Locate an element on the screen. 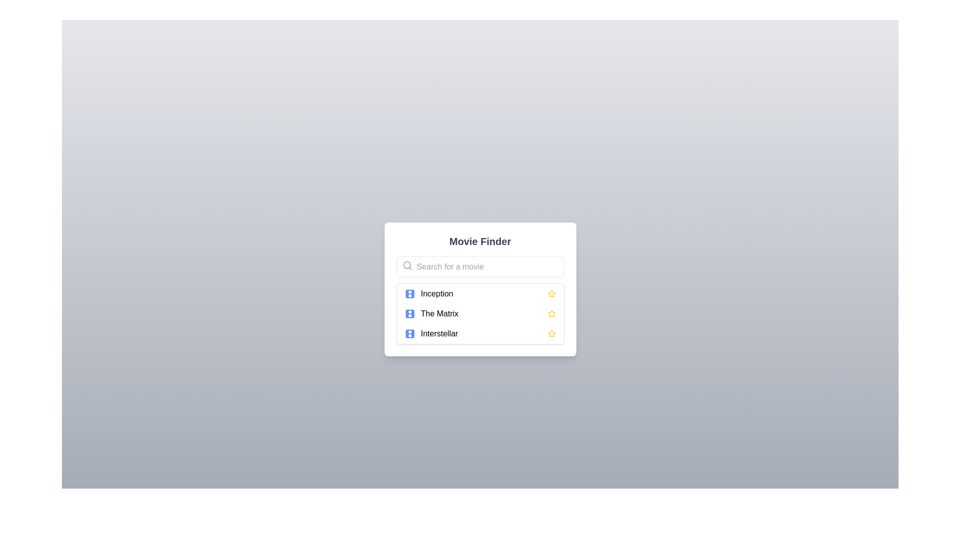 The image size is (959, 539). the blue film reel icon that is located to the left of the text 'Inception' in the first row of the movie list under the 'Search for a movie' input is located at coordinates (410, 293).